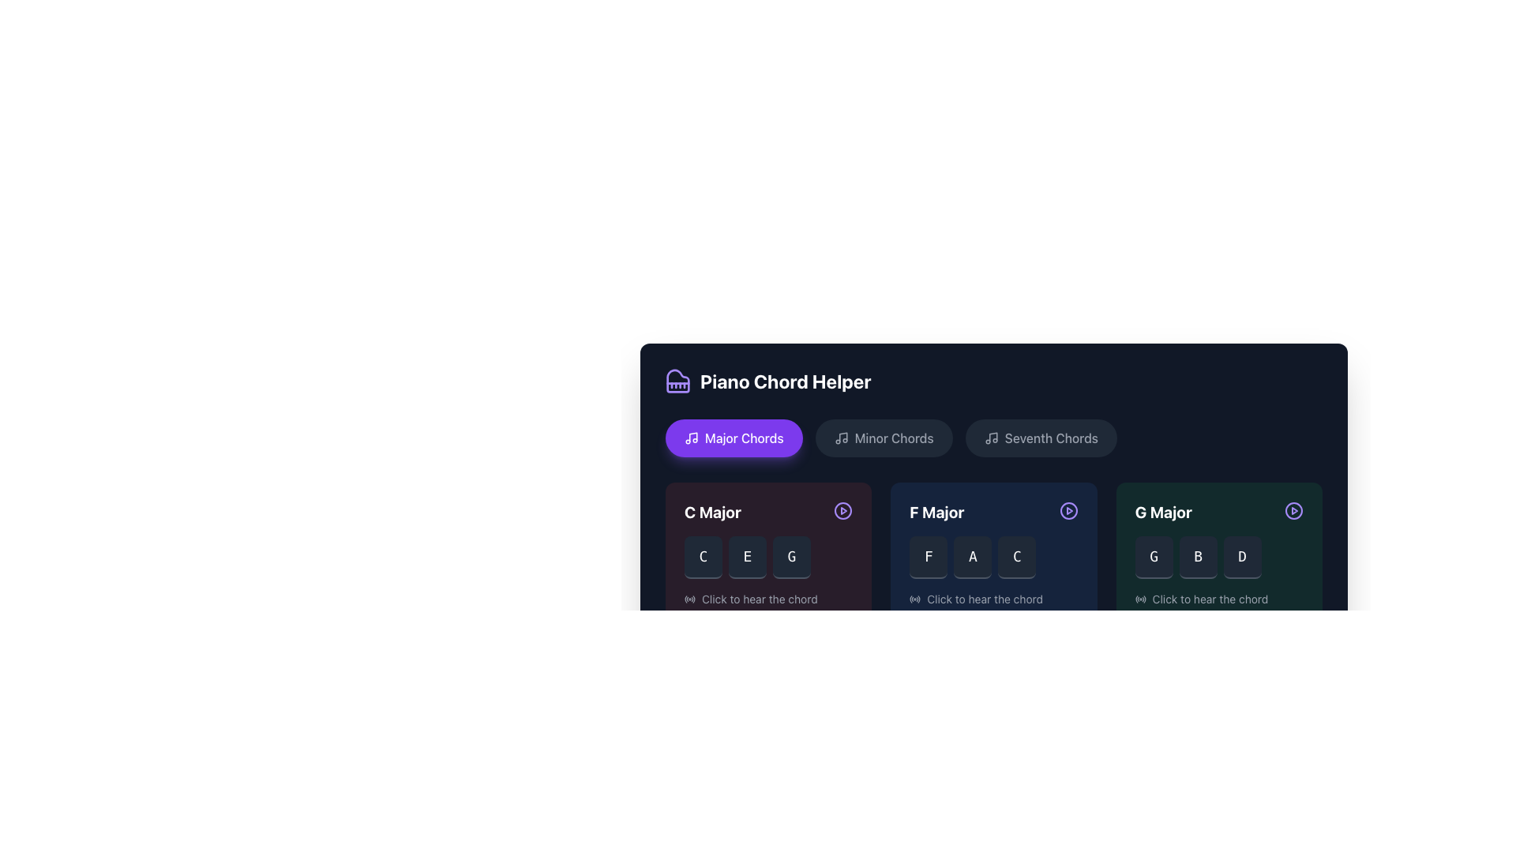 The height and width of the screenshot is (853, 1516). What do you see at coordinates (786, 381) in the screenshot?
I see `the textual label displaying 'Piano Chord Helper' which is prominently positioned in bold white font on a dark background` at bounding box center [786, 381].